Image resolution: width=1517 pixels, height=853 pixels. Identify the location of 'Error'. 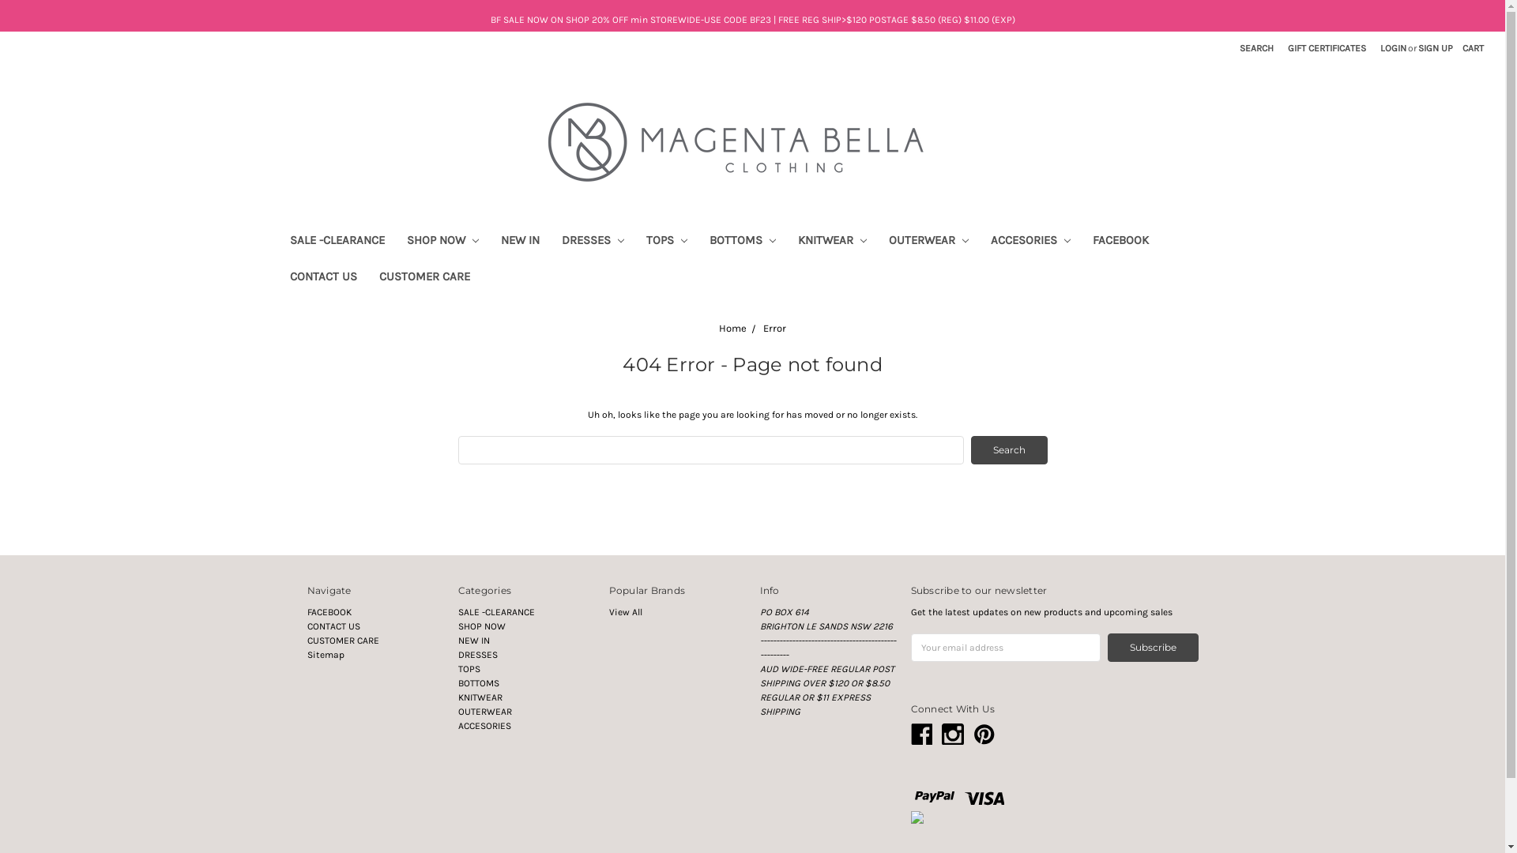
(774, 327).